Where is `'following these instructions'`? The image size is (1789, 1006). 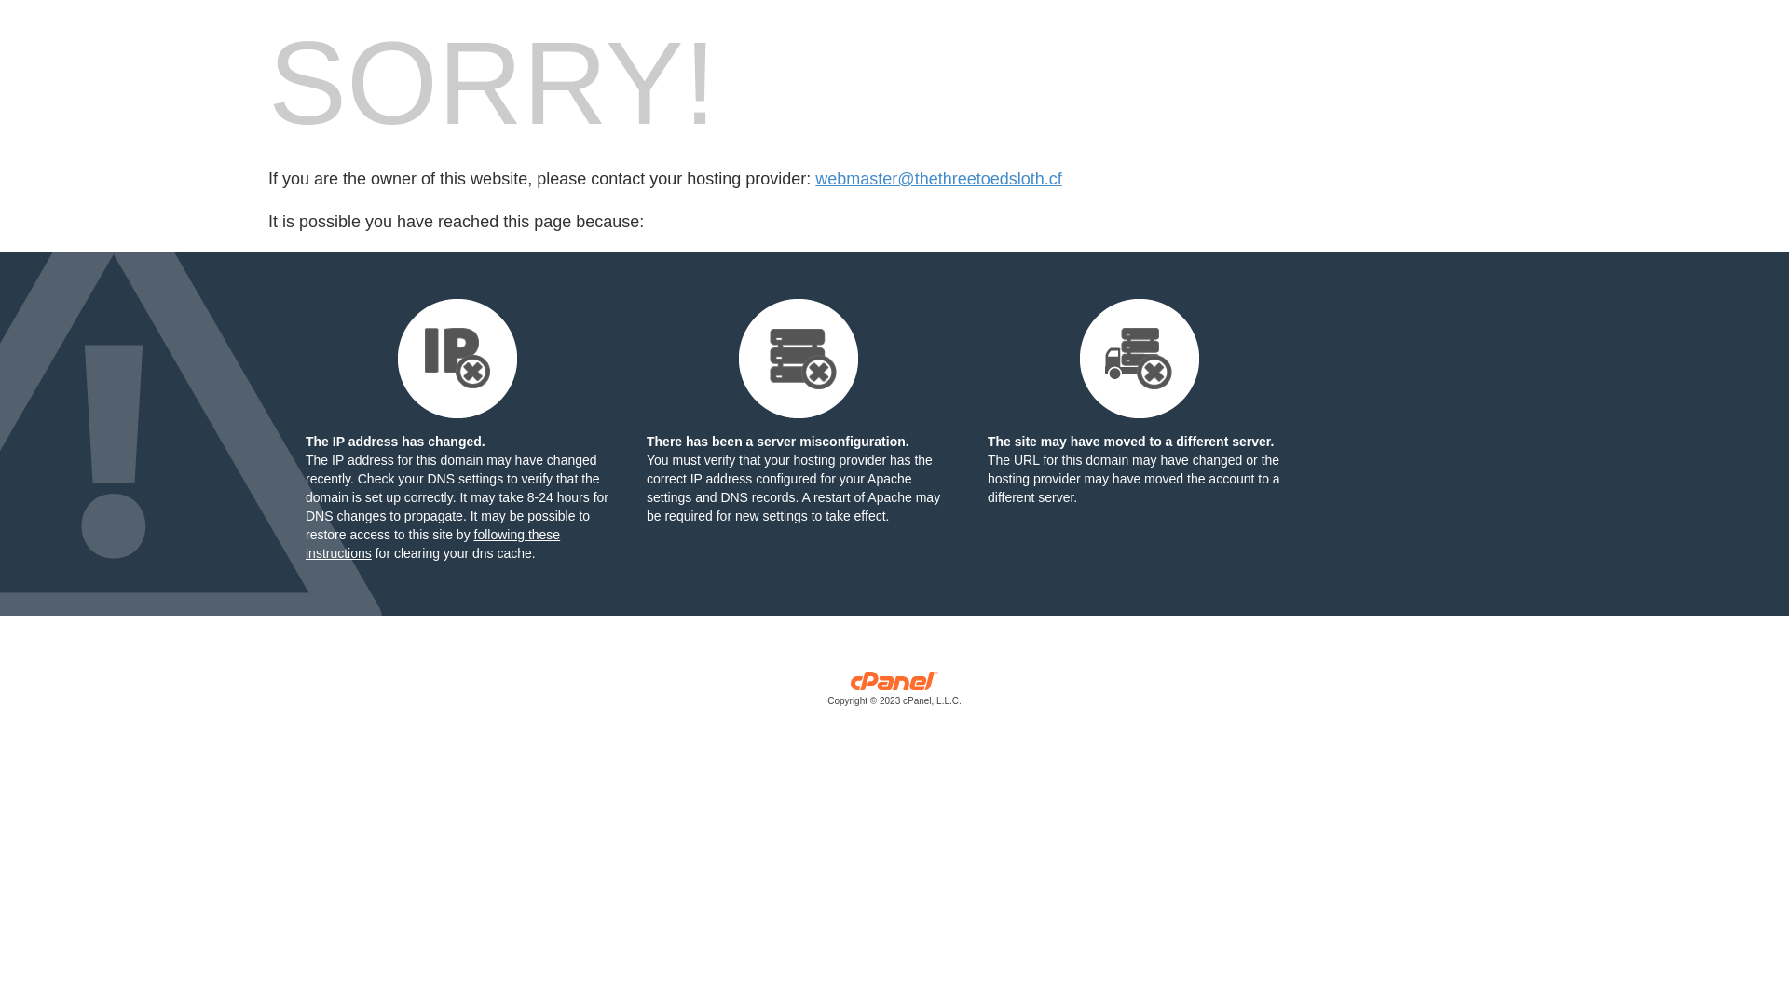
'following these instructions' is located at coordinates (431, 543).